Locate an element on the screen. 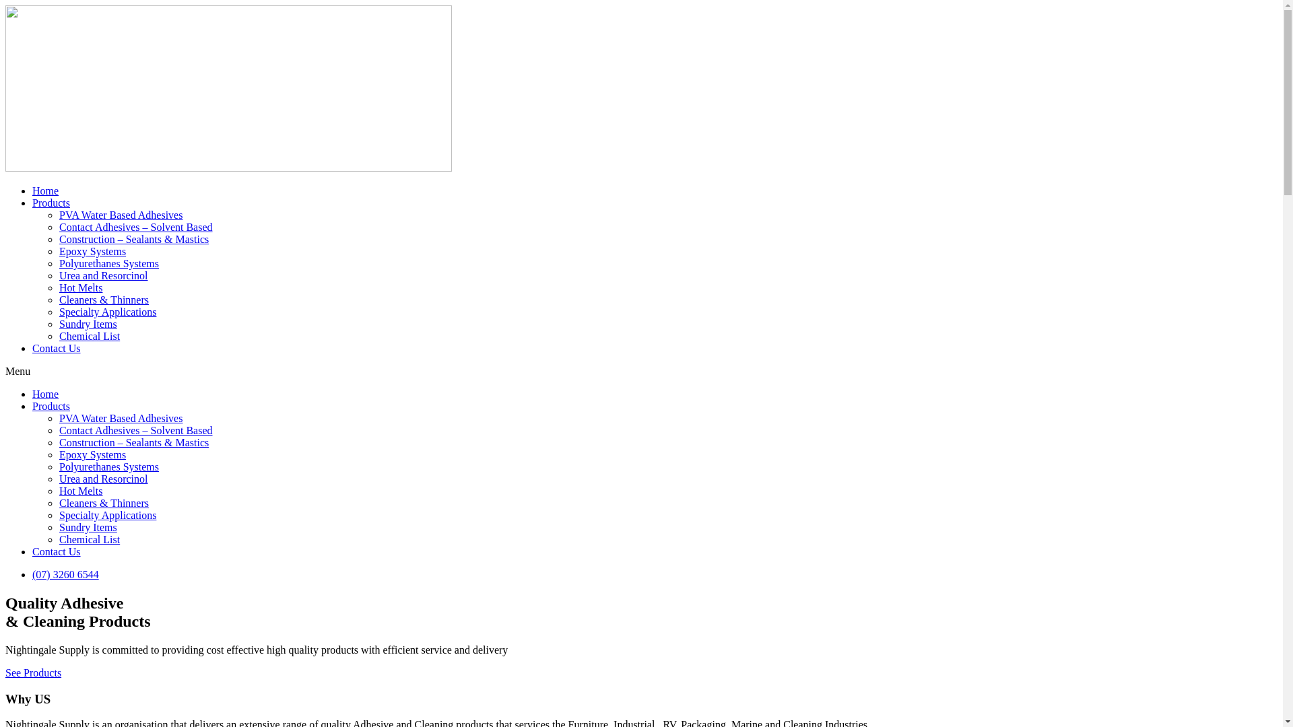 This screenshot has height=727, width=1293. 'Epoxy Systems' is located at coordinates (58, 251).